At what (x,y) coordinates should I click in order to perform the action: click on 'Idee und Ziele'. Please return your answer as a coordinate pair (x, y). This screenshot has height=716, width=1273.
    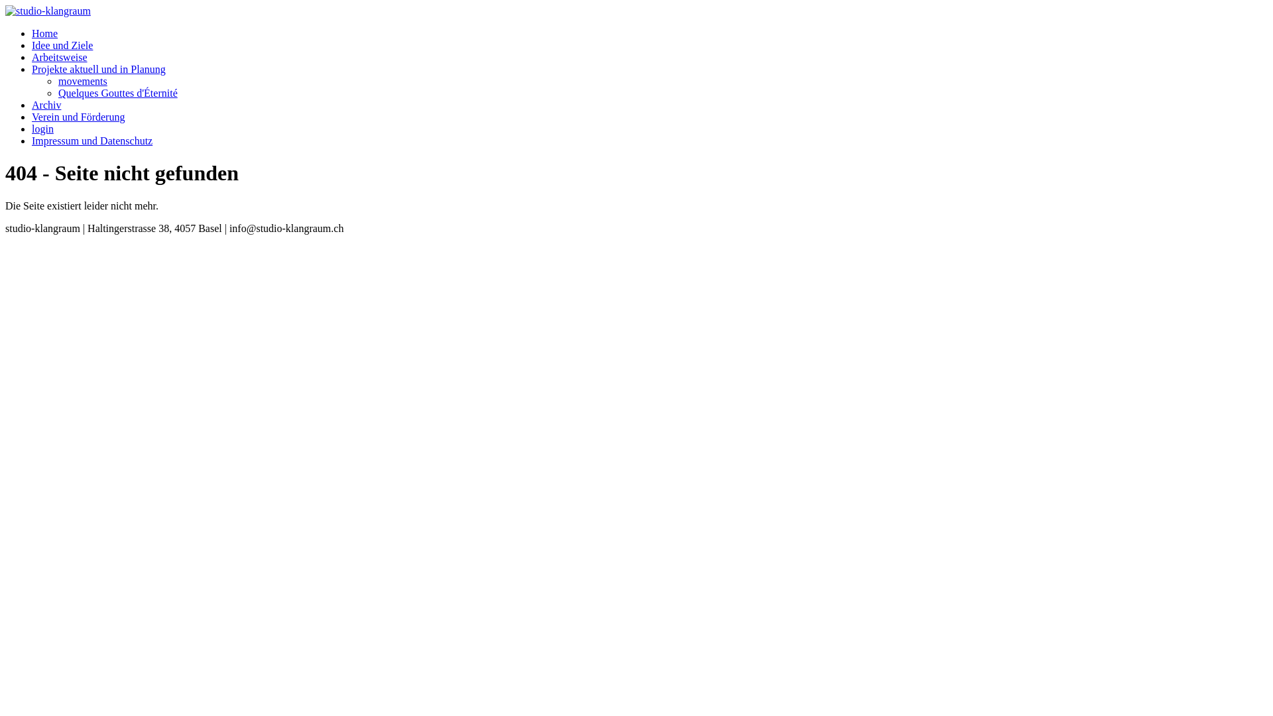
    Looking at the image, I should click on (62, 44).